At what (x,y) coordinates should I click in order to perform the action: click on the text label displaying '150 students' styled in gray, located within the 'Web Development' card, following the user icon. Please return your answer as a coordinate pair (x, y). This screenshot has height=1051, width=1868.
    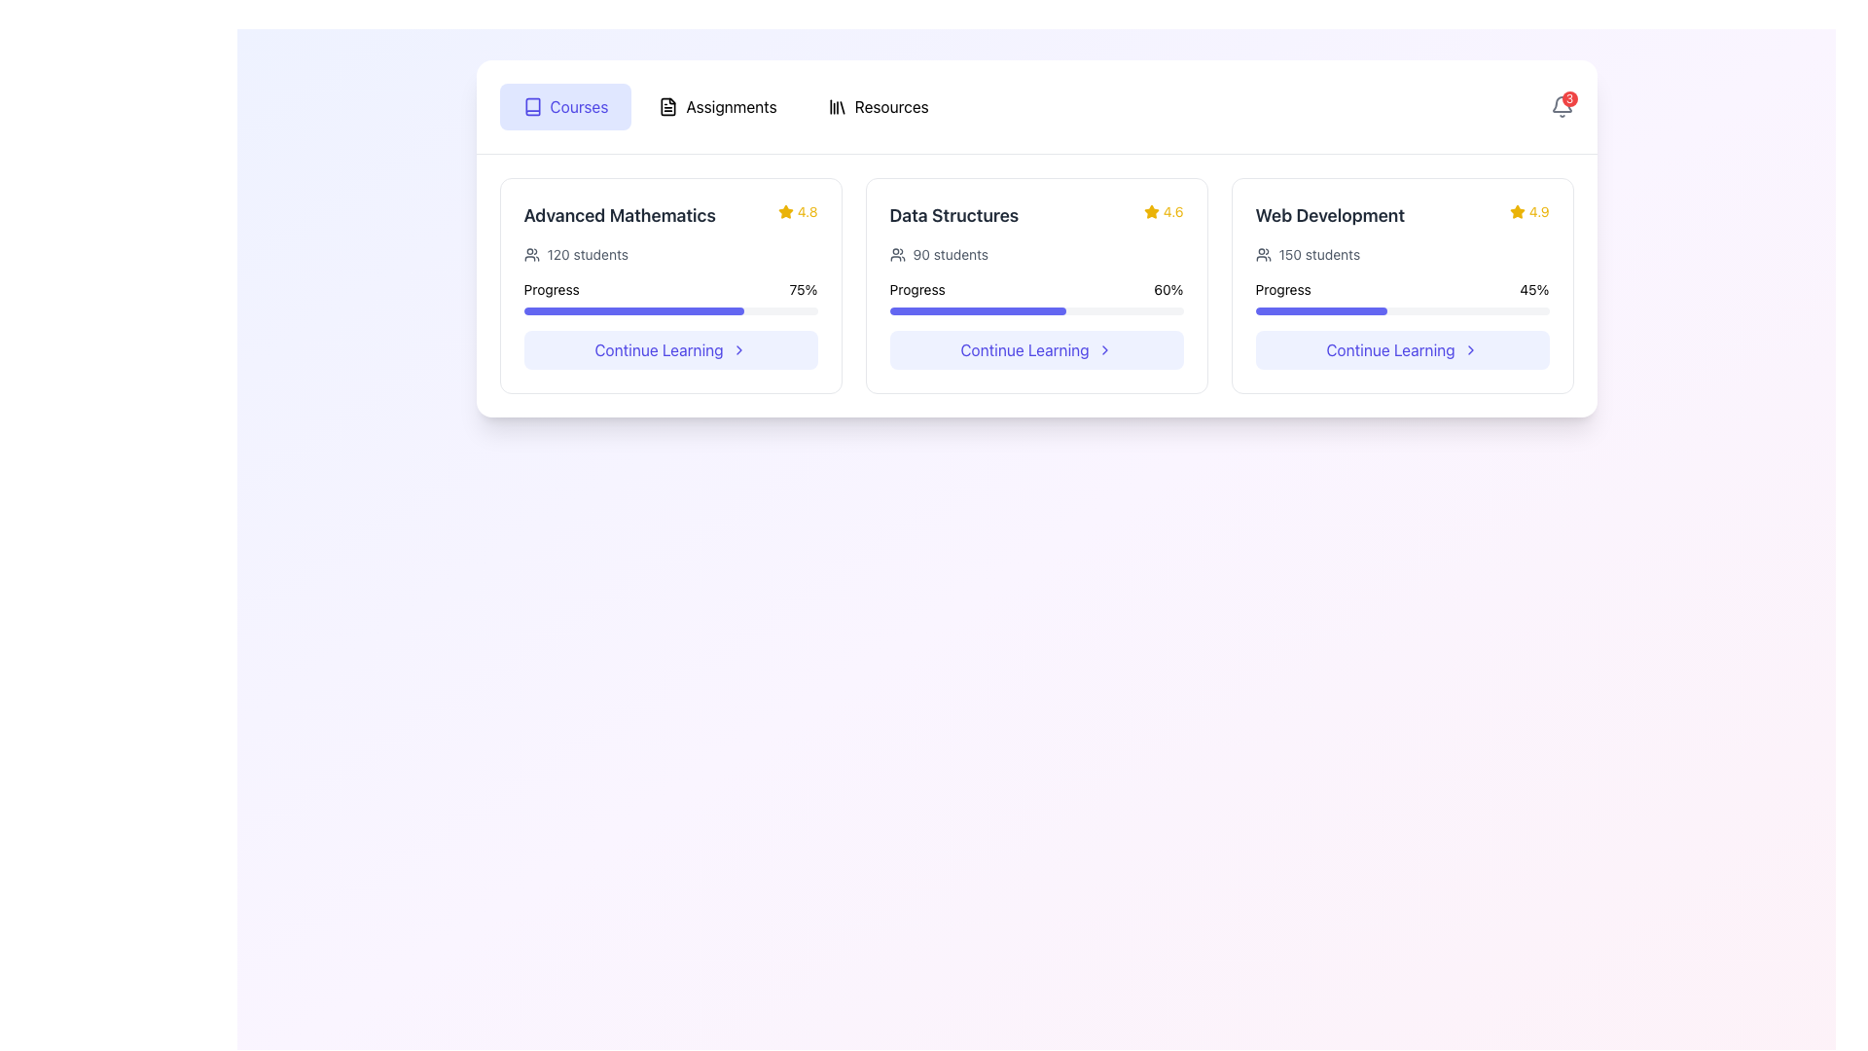
    Looking at the image, I should click on (1319, 254).